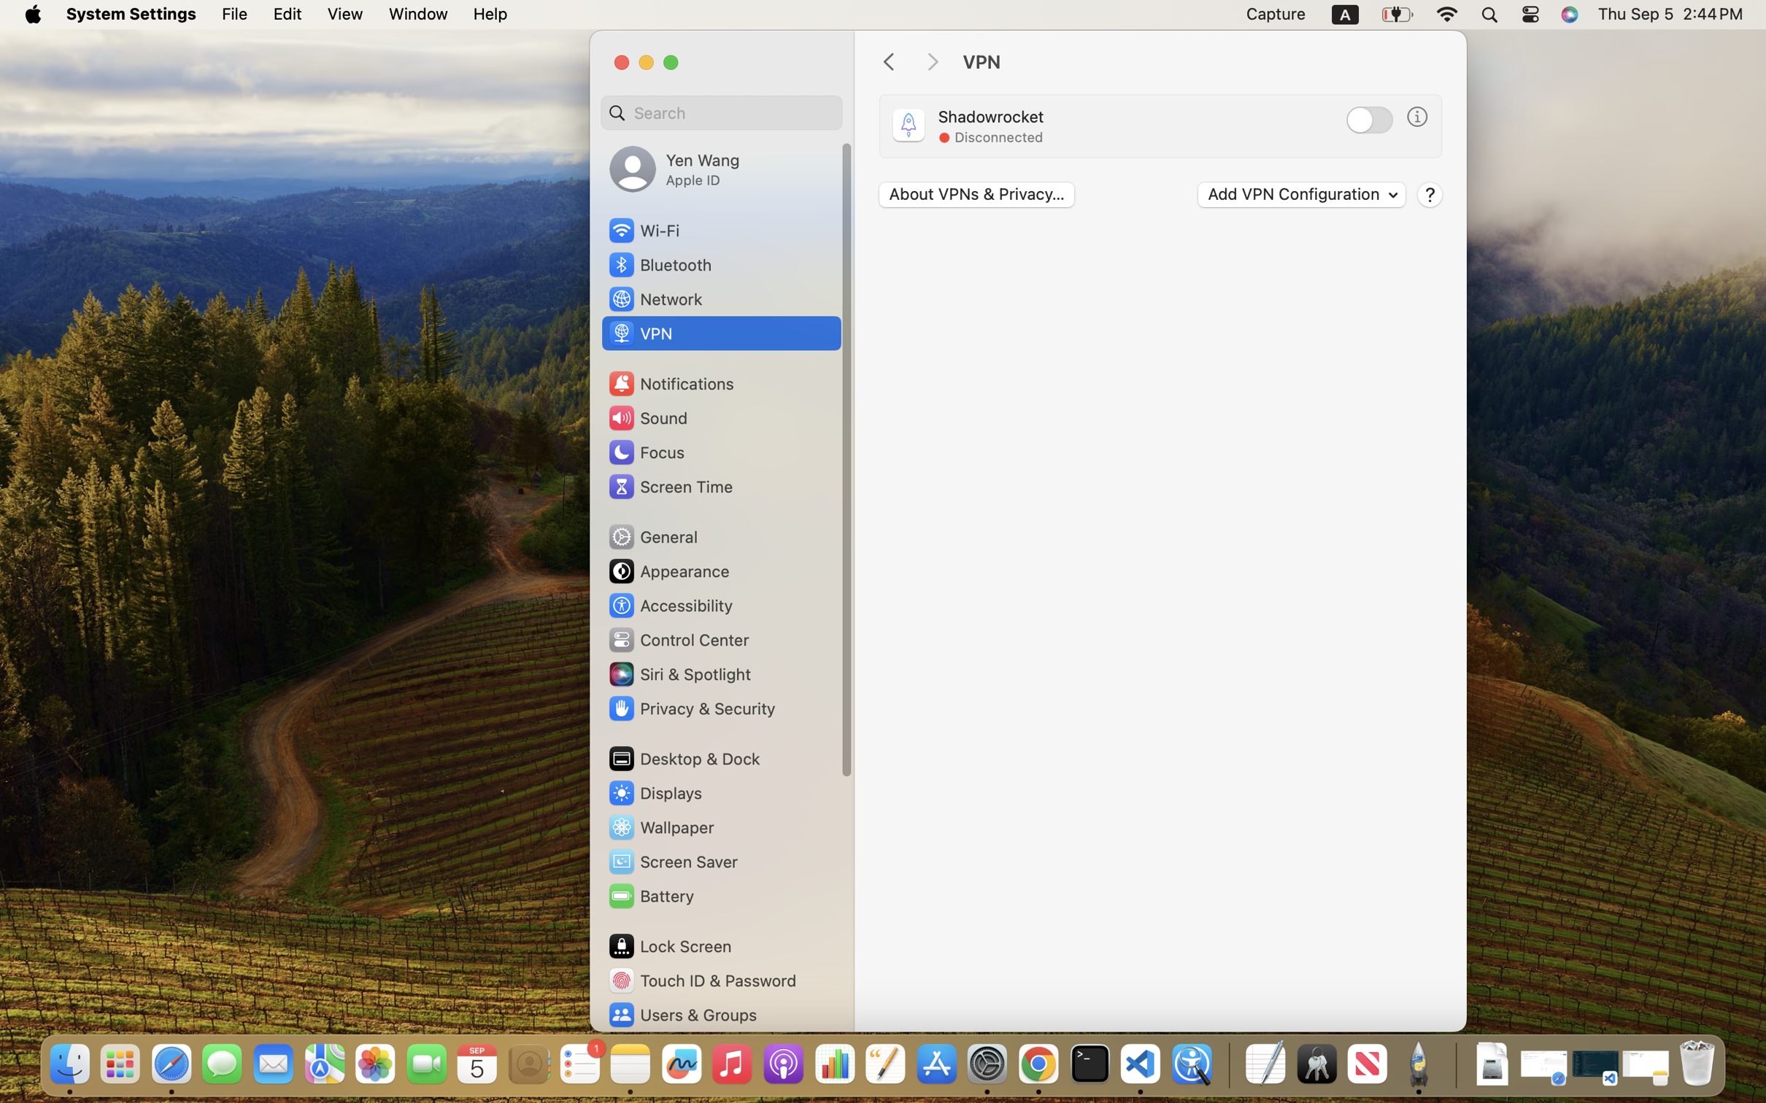 The height and width of the screenshot is (1103, 1766). Describe the element at coordinates (1227, 1064) in the screenshot. I see `'0.4285714328289032'` at that location.